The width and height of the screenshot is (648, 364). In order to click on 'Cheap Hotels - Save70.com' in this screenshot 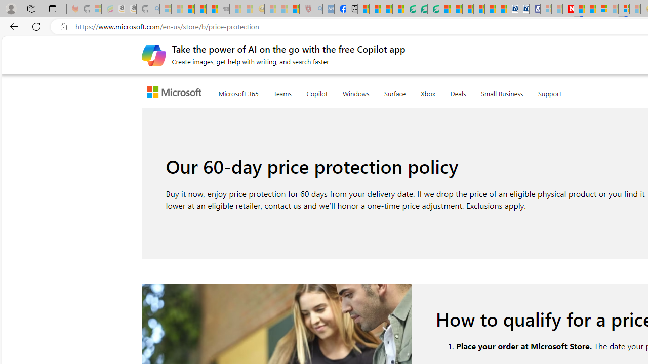, I will do `click(523, 9)`.